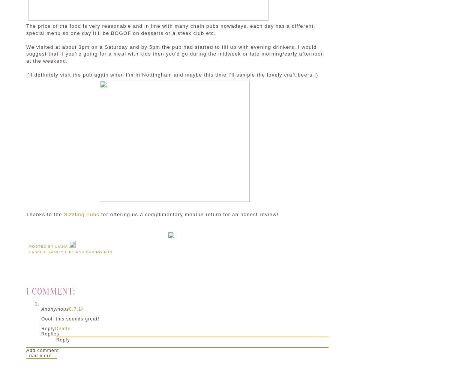  What do you see at coordinates (76, 308) in the screenshot?
I see `'8.7.14'` at bounding box center [76, 308].